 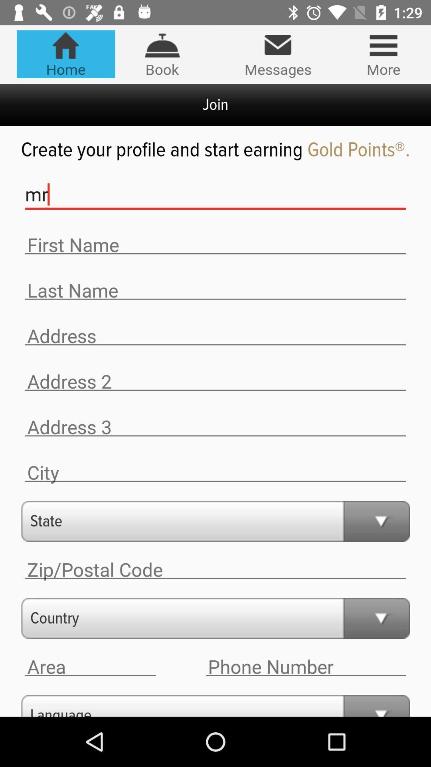 What do you see at coordinates (305, 667) in the screenshot?
I see `phone number` at bounding box center [305, 667].